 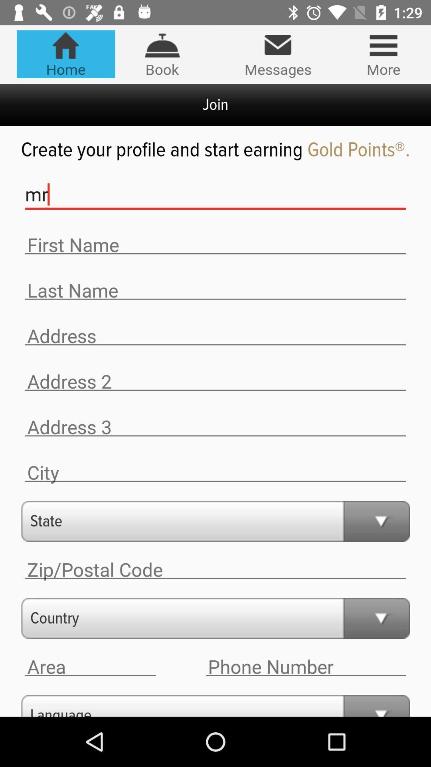 What do you see at coordinates (305, 667) in the screenshot?
I see `phone number` at bounding box center [305, 667].